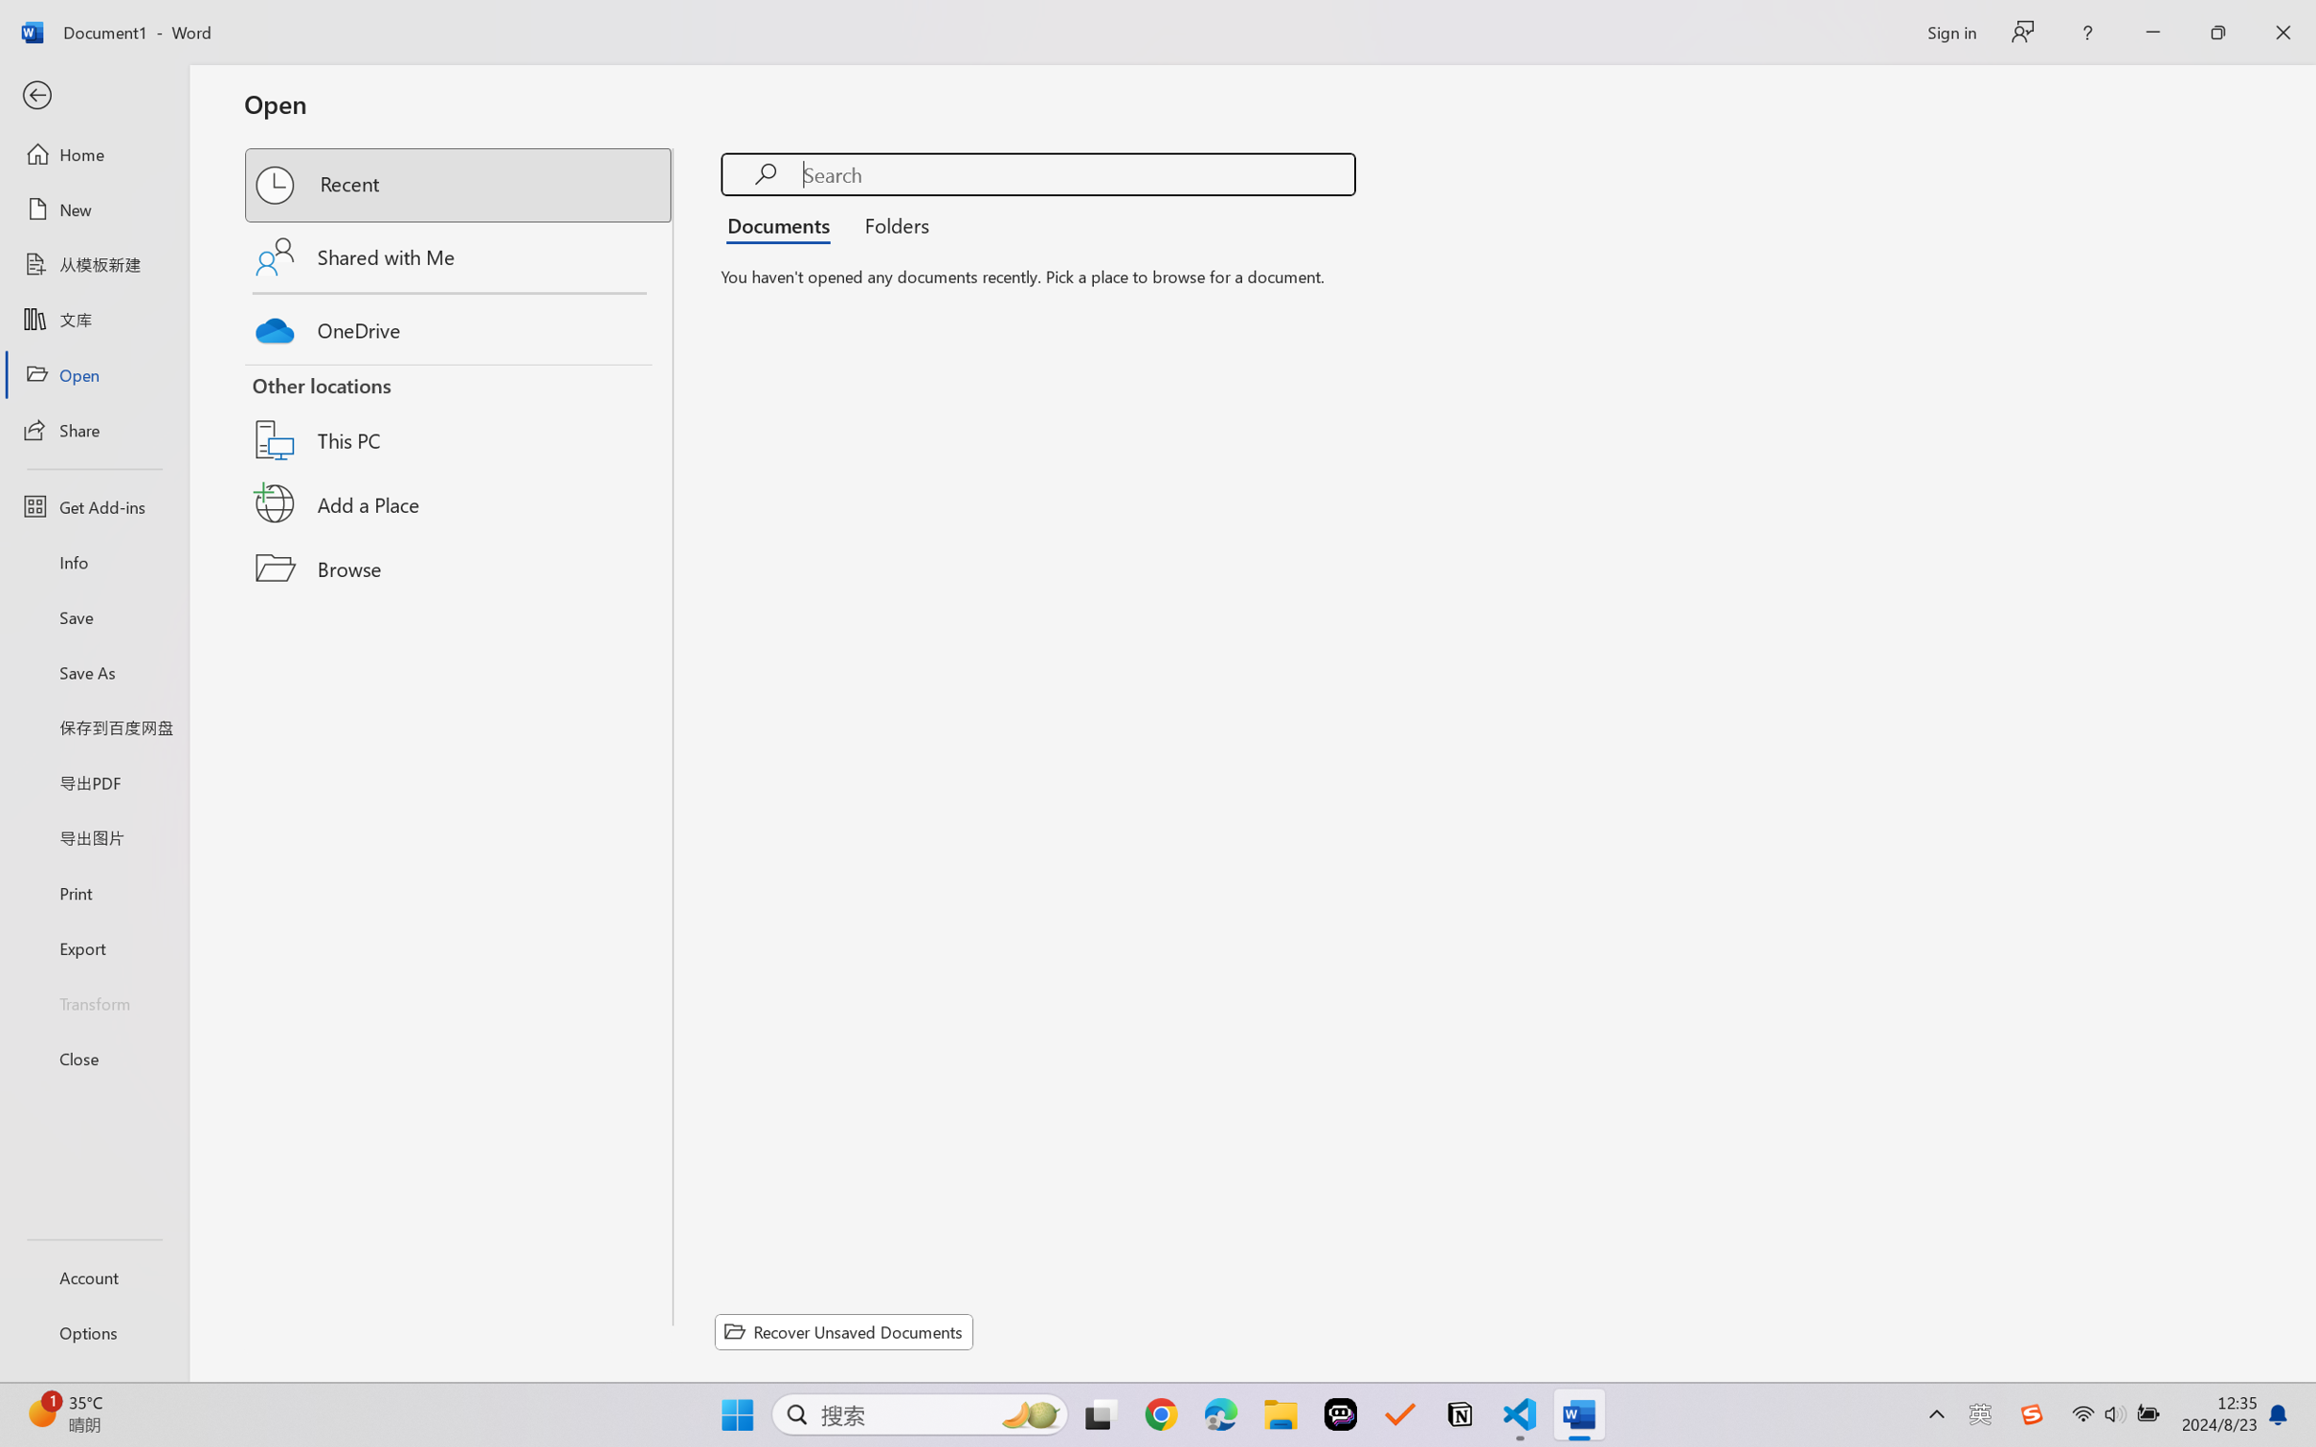  I want to click on 'This PC', so click(459, 416).